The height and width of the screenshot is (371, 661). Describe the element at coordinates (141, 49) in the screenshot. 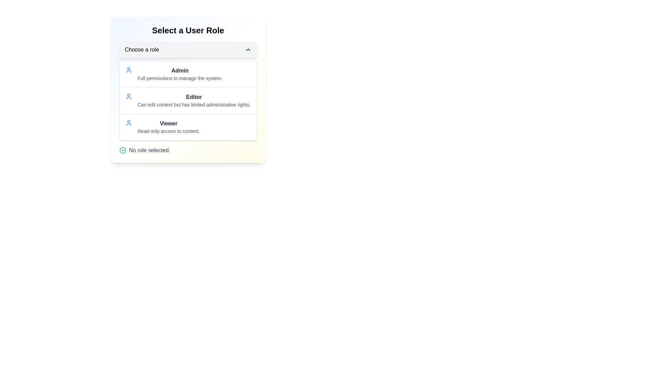

I see `the text label that says 'Choose a role', which is part of a dropdown selector interface and positioned adjacent to an upward-facing arrow icon` at that location.